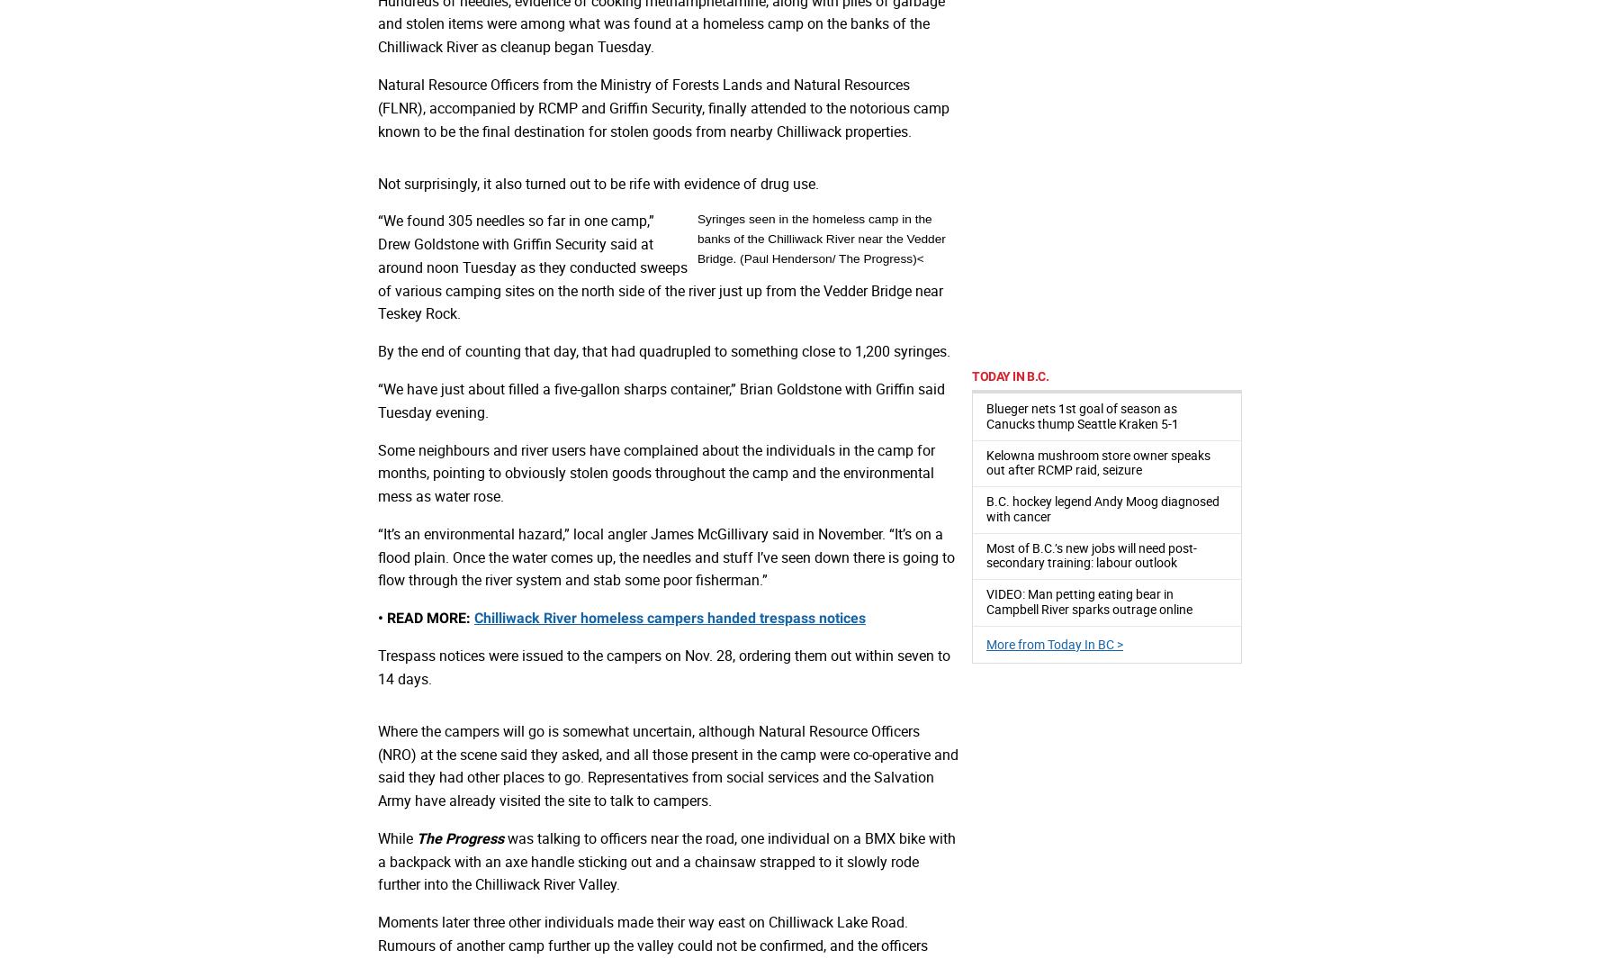 This screenshot has width=1620, height=959. I want to click on 'VIDEO: Man petting eating bear in Campbell River sparks outrage online', so click(1088, 601).